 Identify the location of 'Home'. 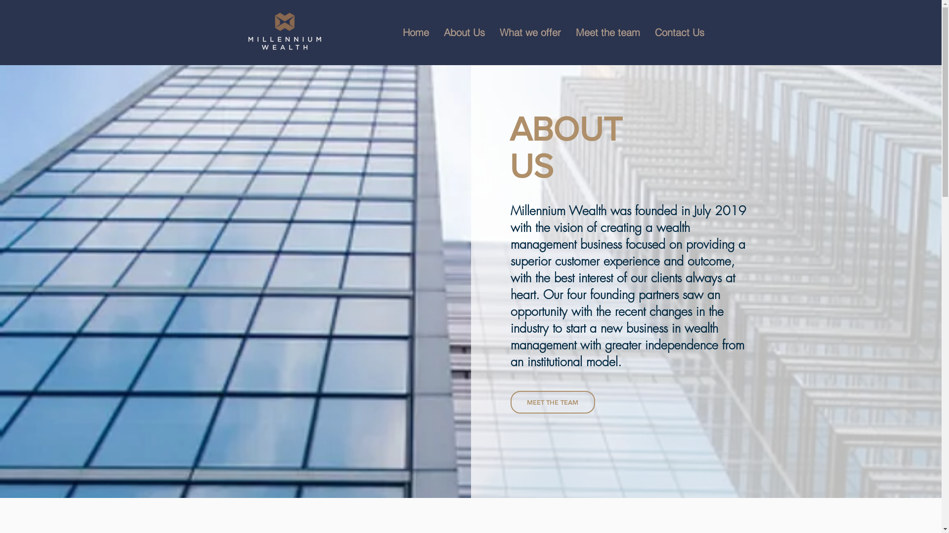
(395, 32).